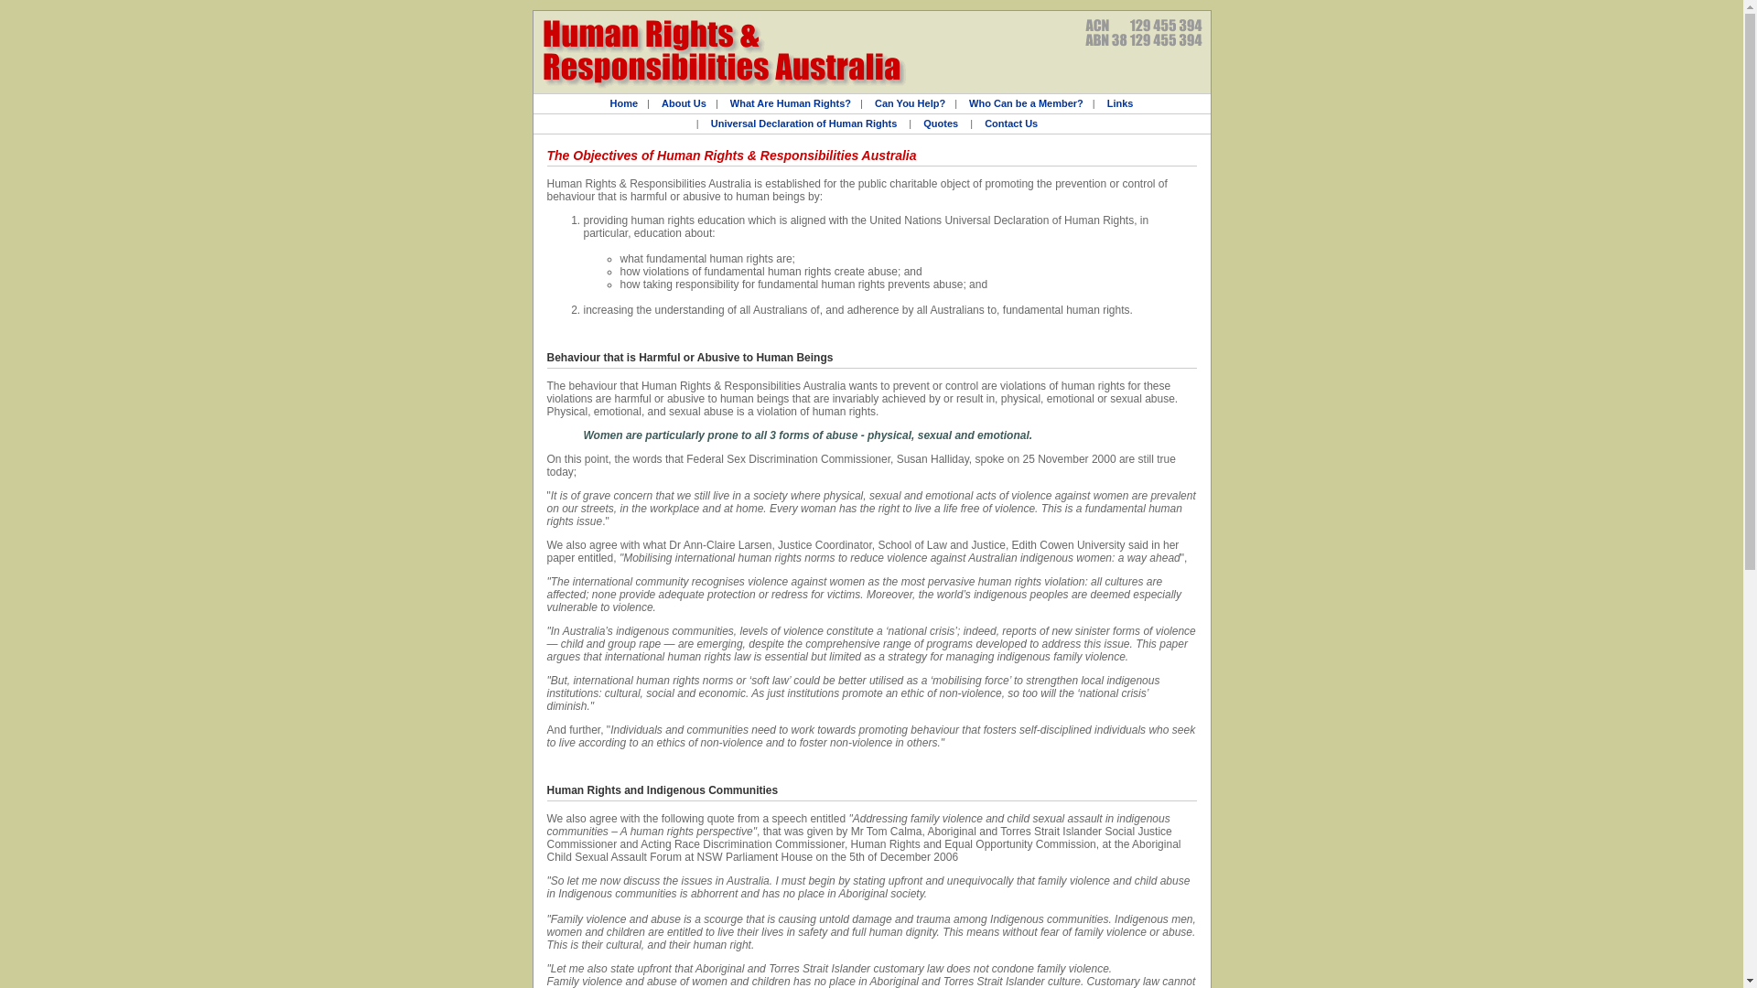  I want to click on 'About Us', so click(683, 102).